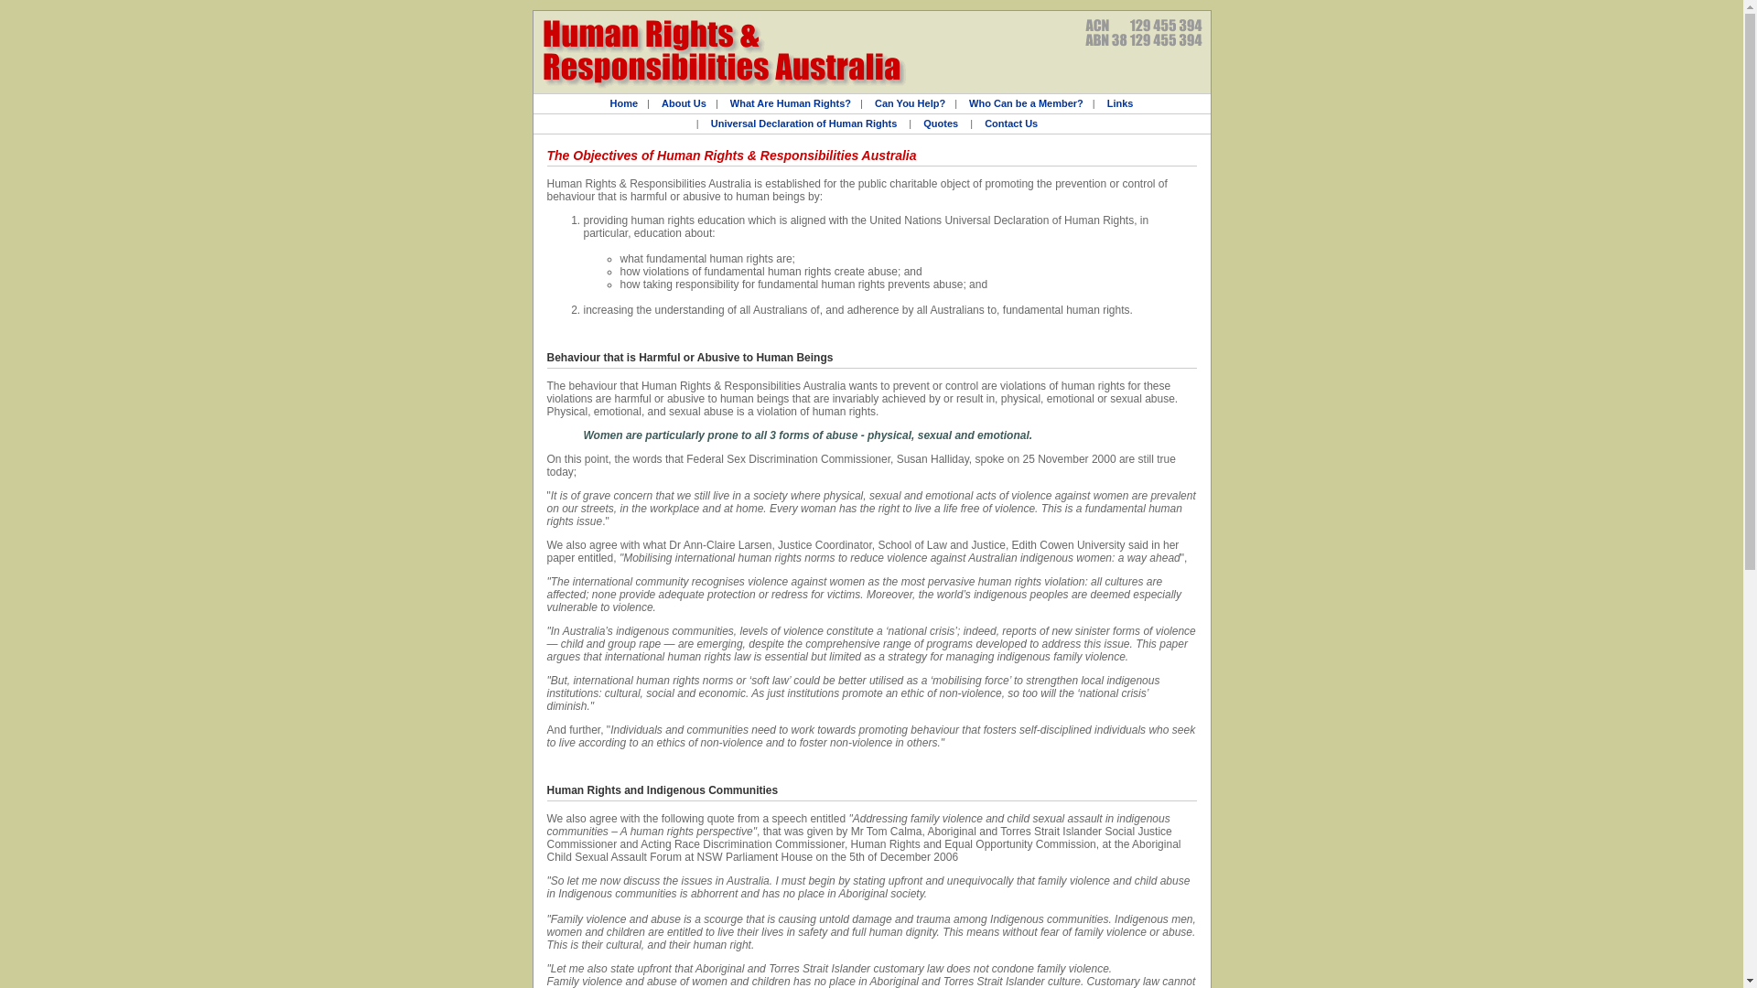  I want to click on 'About Us', so click(683, 102).